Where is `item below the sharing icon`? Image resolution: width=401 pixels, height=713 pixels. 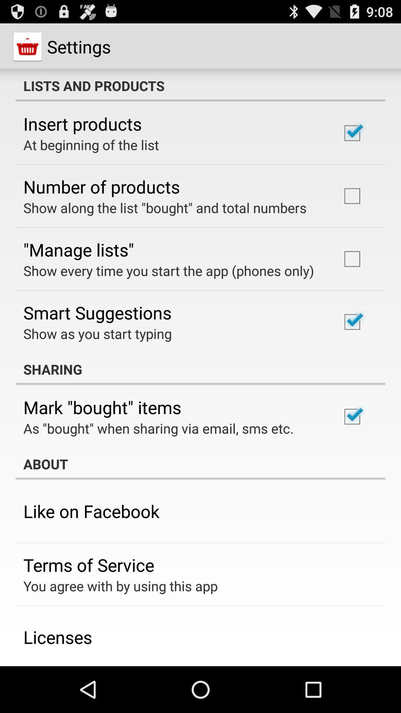
item below the sharing icon is located at coordinates (102, 407).